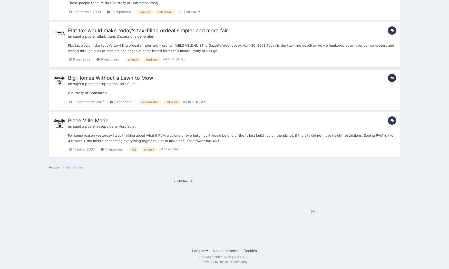 This screenshot has height=269, width=449. I want to click on '10 septembre 2007', so click(88, 102).